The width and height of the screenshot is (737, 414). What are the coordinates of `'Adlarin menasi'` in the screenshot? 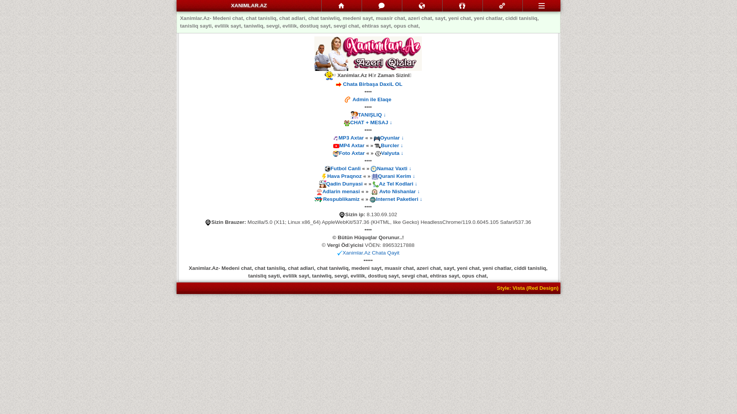 It's located at (340, 191).